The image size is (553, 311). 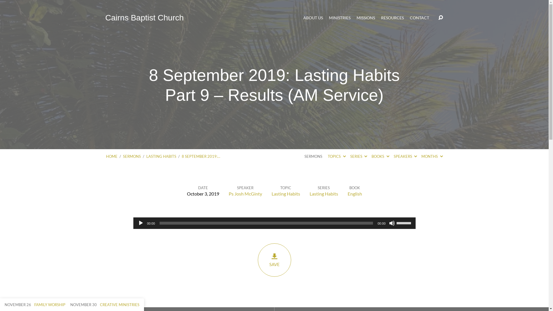 What do you see at coordinates (354, 194) in the screenshot?
I see `'English'` at bounding box center [354, 194].